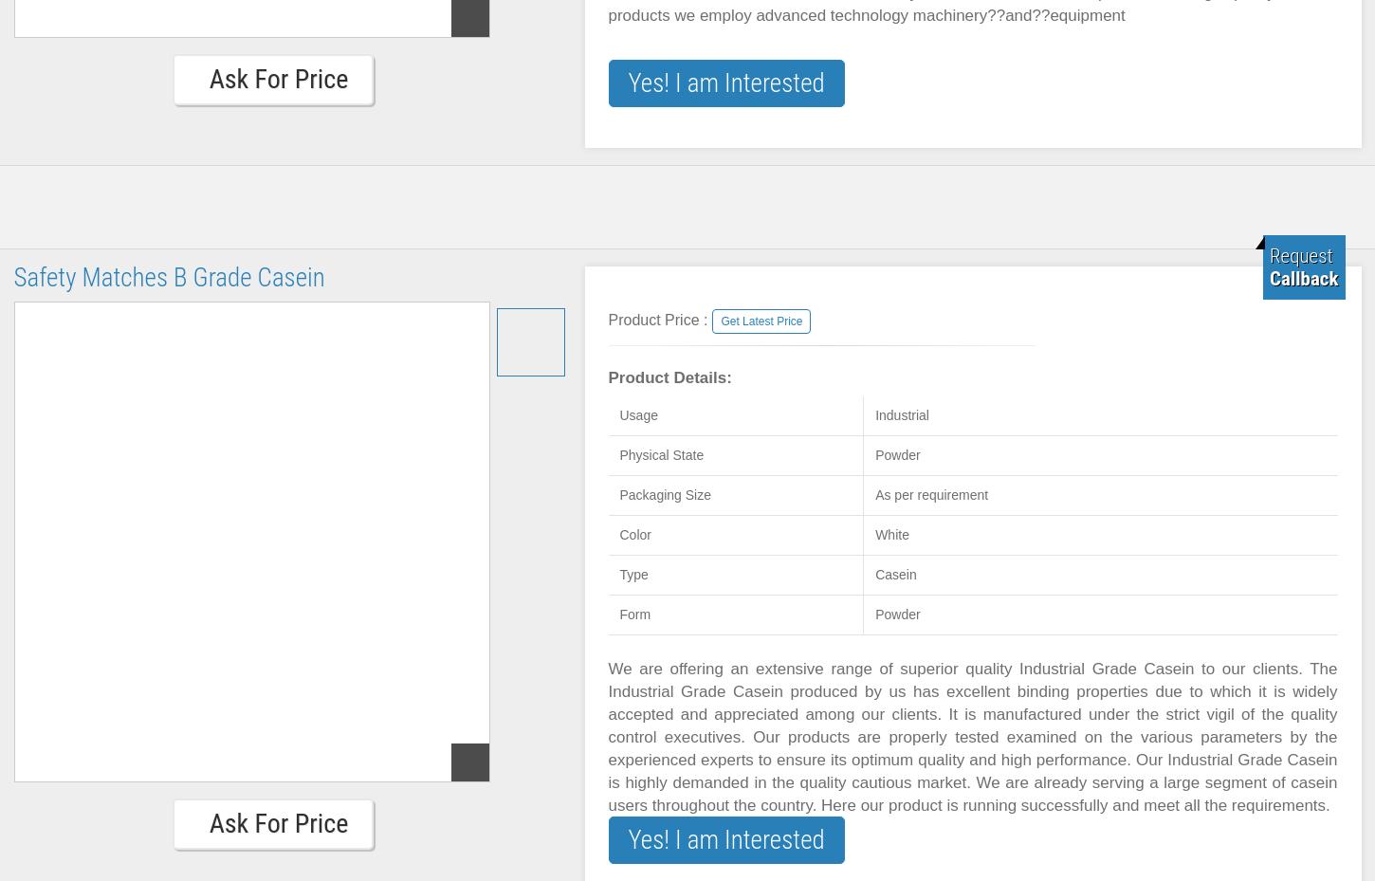 This screenshot has height=881, width=1375. Describe the element at coordinates (617, 613) in the screenshot. I see `'Form'` at that location.